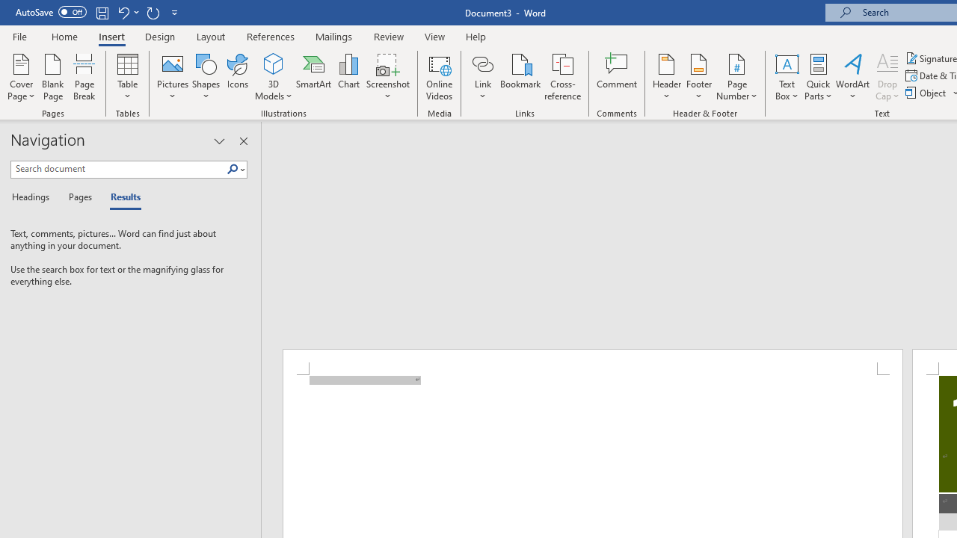 This screenshot has width=957, height=538. Describe the element at coordinates (123, 12) in the screenshot. I see `'Undo New Page'` at that location.